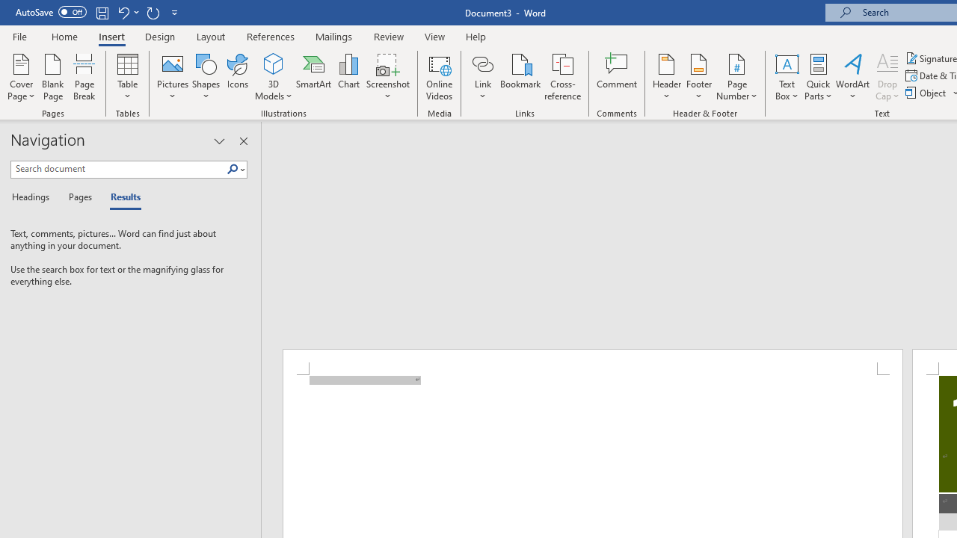 This screenshot has width=957, height=538. Describe the element at coordinates (123, 12) in the screenshot. I see `'Undo New Page'` at that location.